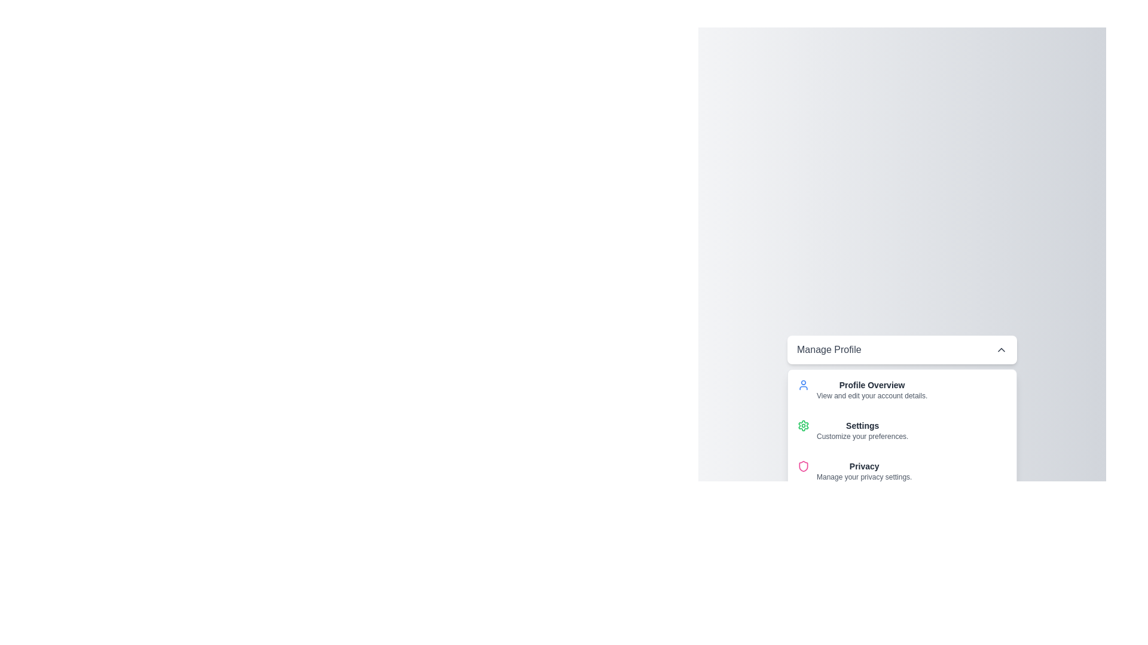  Describe the element at coordinates (902, 471) in the screenshot. I see `the third list item in the 'Manage Profile' dropdown menu that provides access to privacy-related settings` at that location.